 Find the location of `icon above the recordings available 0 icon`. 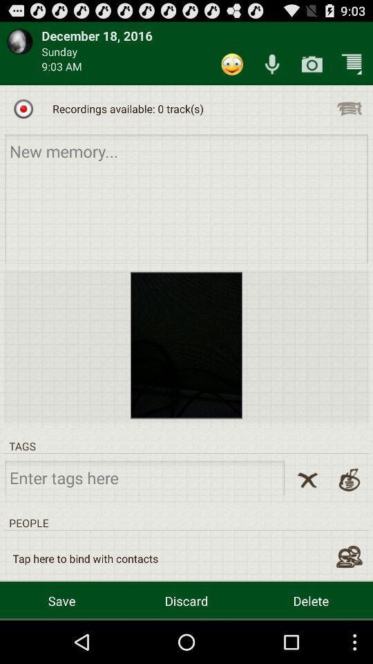

icon above the recordings available 0 icon is located at coordinates (272, 64).